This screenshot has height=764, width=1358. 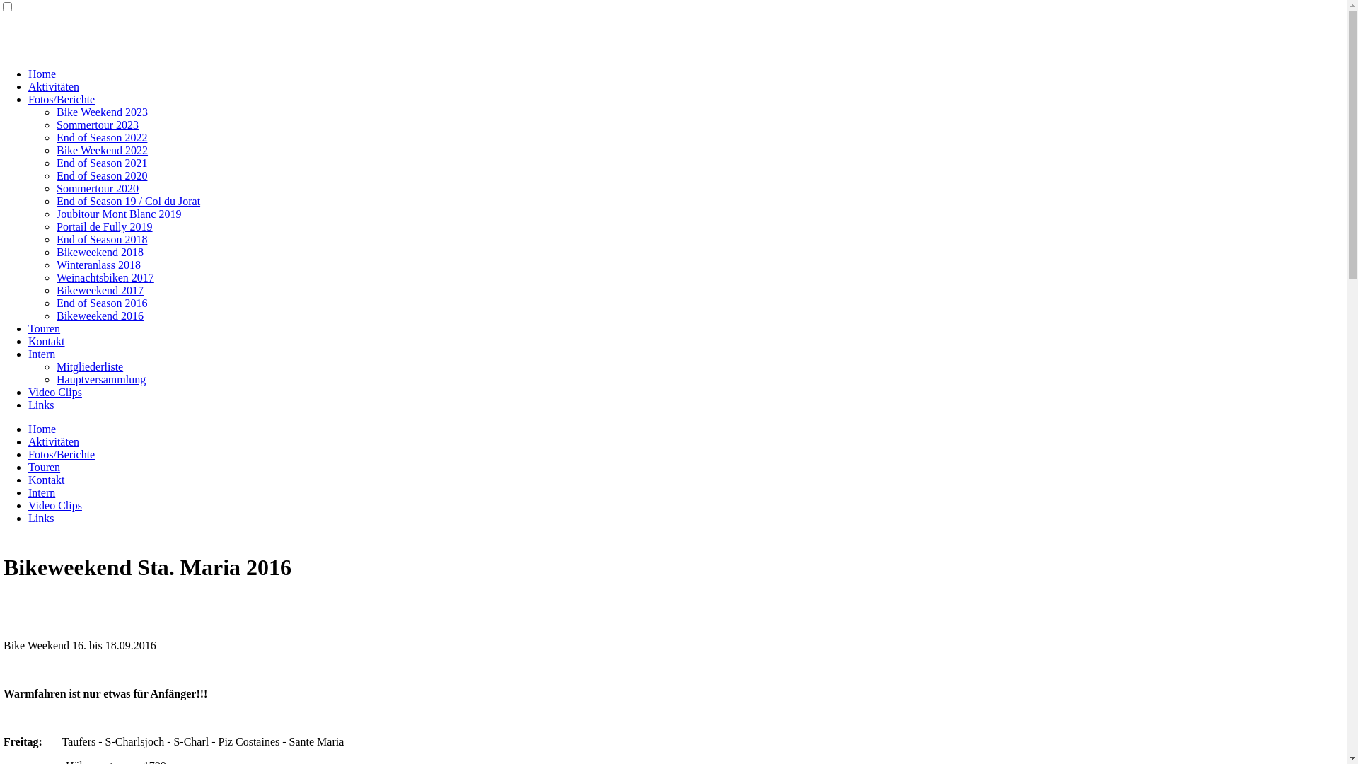 What do you see at coordinates (99, 289) in the screenshot?
I see `'Bikeweekend 2017'` at bounding box center [99, 289].